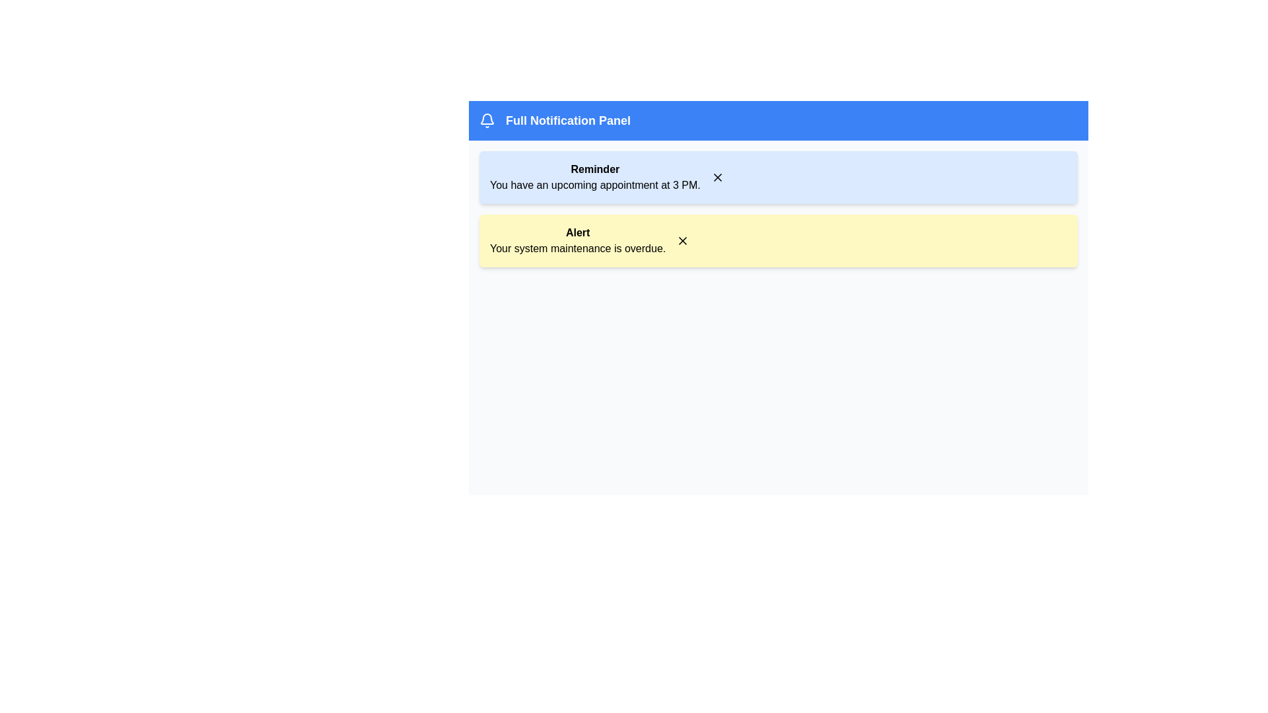  Describe the element at coordinates (683, 241) in the screenshot. I see `the close button represented as a small 'X' icon in the top-right corner of the yellow notification block titled 'Alert'` at that location.